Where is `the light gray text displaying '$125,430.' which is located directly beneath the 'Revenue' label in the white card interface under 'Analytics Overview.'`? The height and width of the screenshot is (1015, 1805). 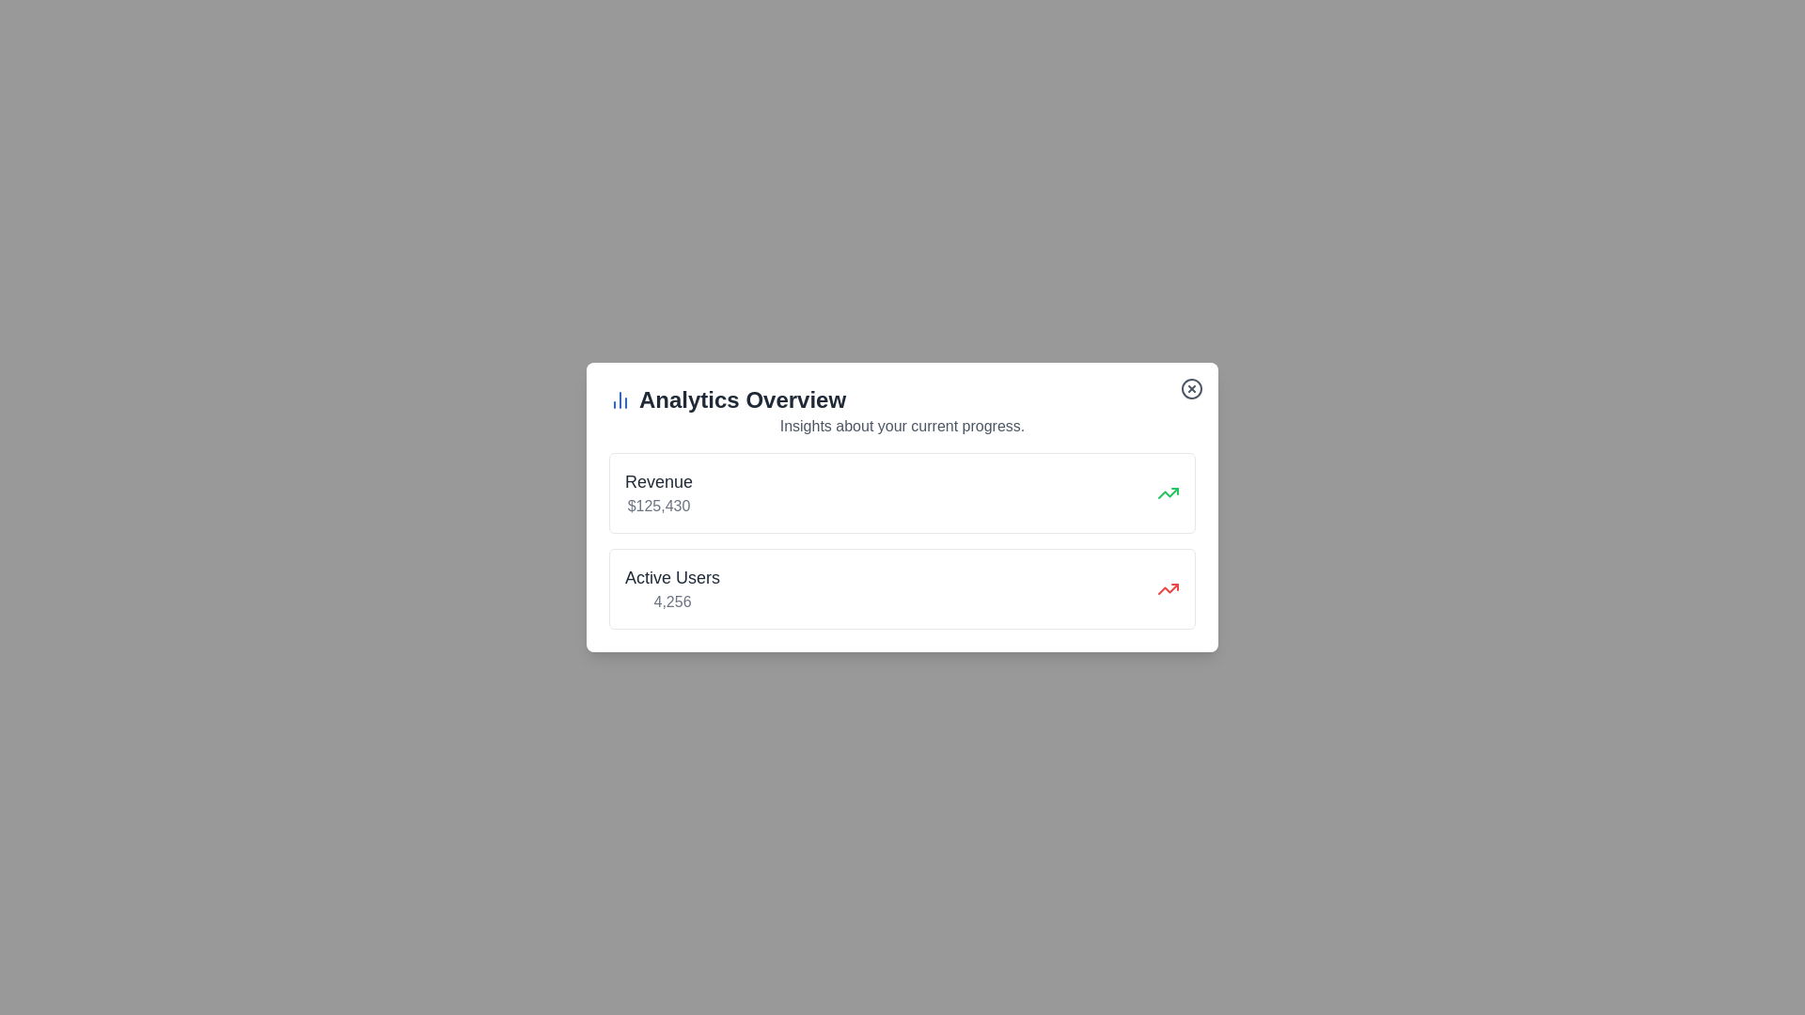
the light gray text displaying '$125,430.' which is located directly beneath the 'Revenue' label in the white card interface under 'Analytics Overview.' is located at coordinates (658, 506).